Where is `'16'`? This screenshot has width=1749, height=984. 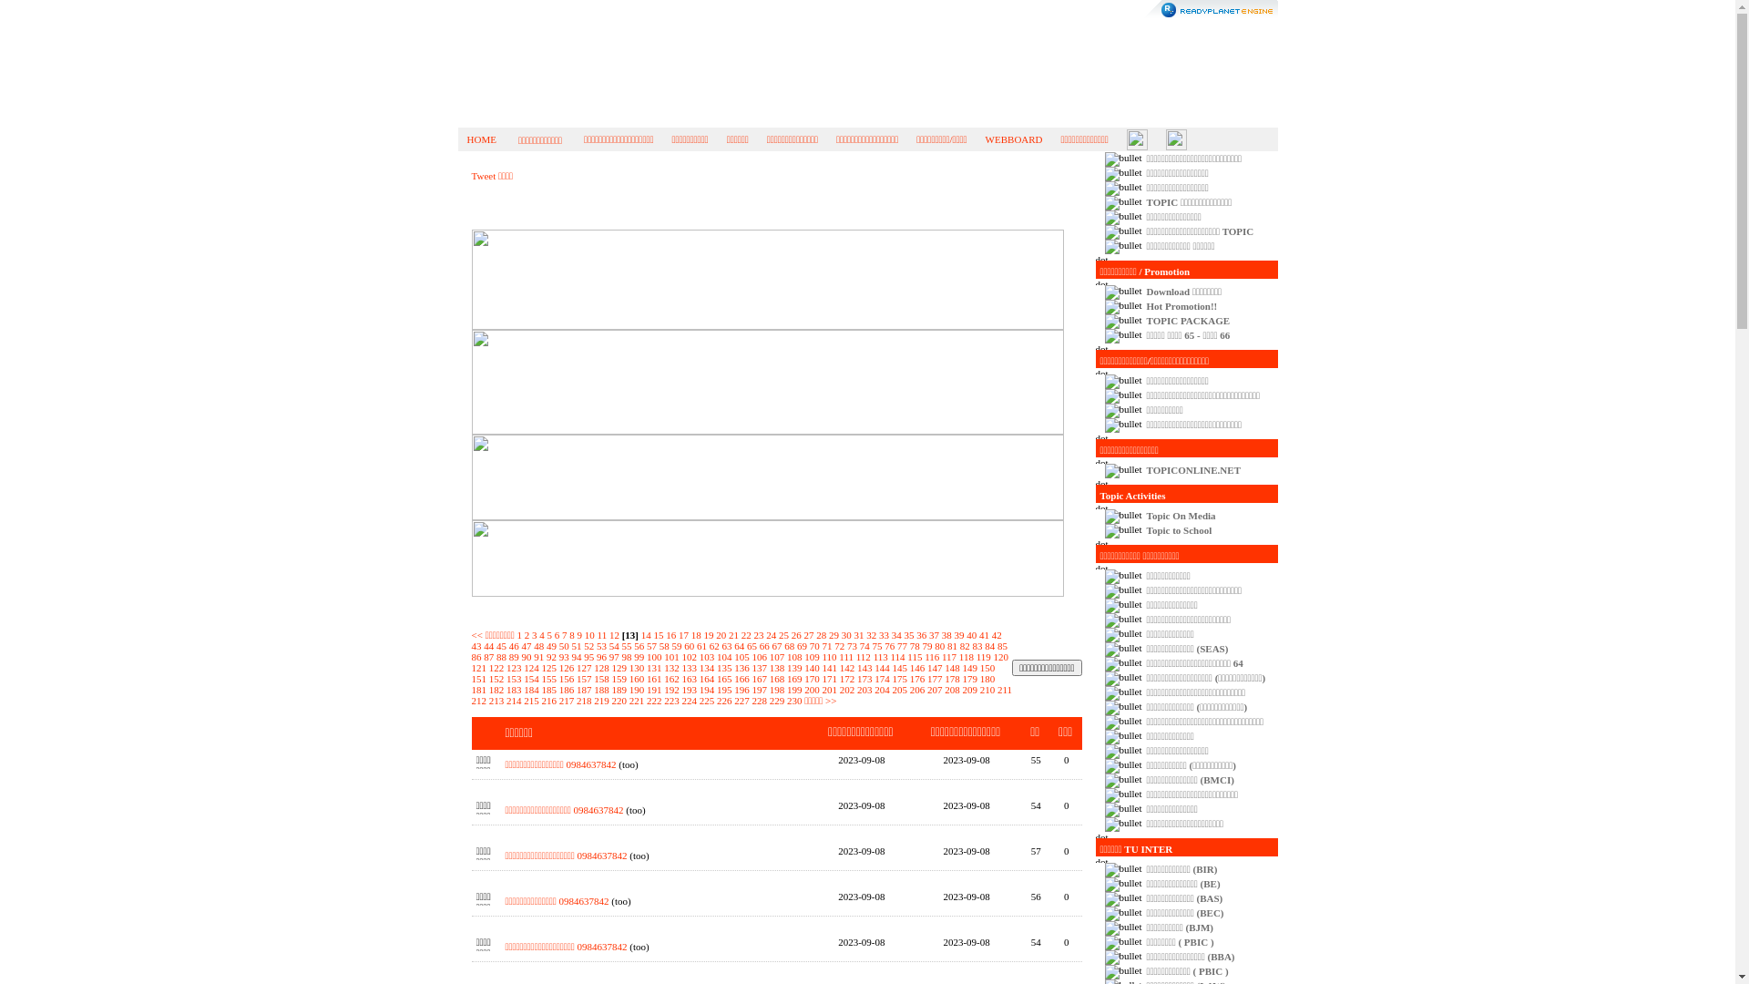 '16' is located at coordinates (670, 634).